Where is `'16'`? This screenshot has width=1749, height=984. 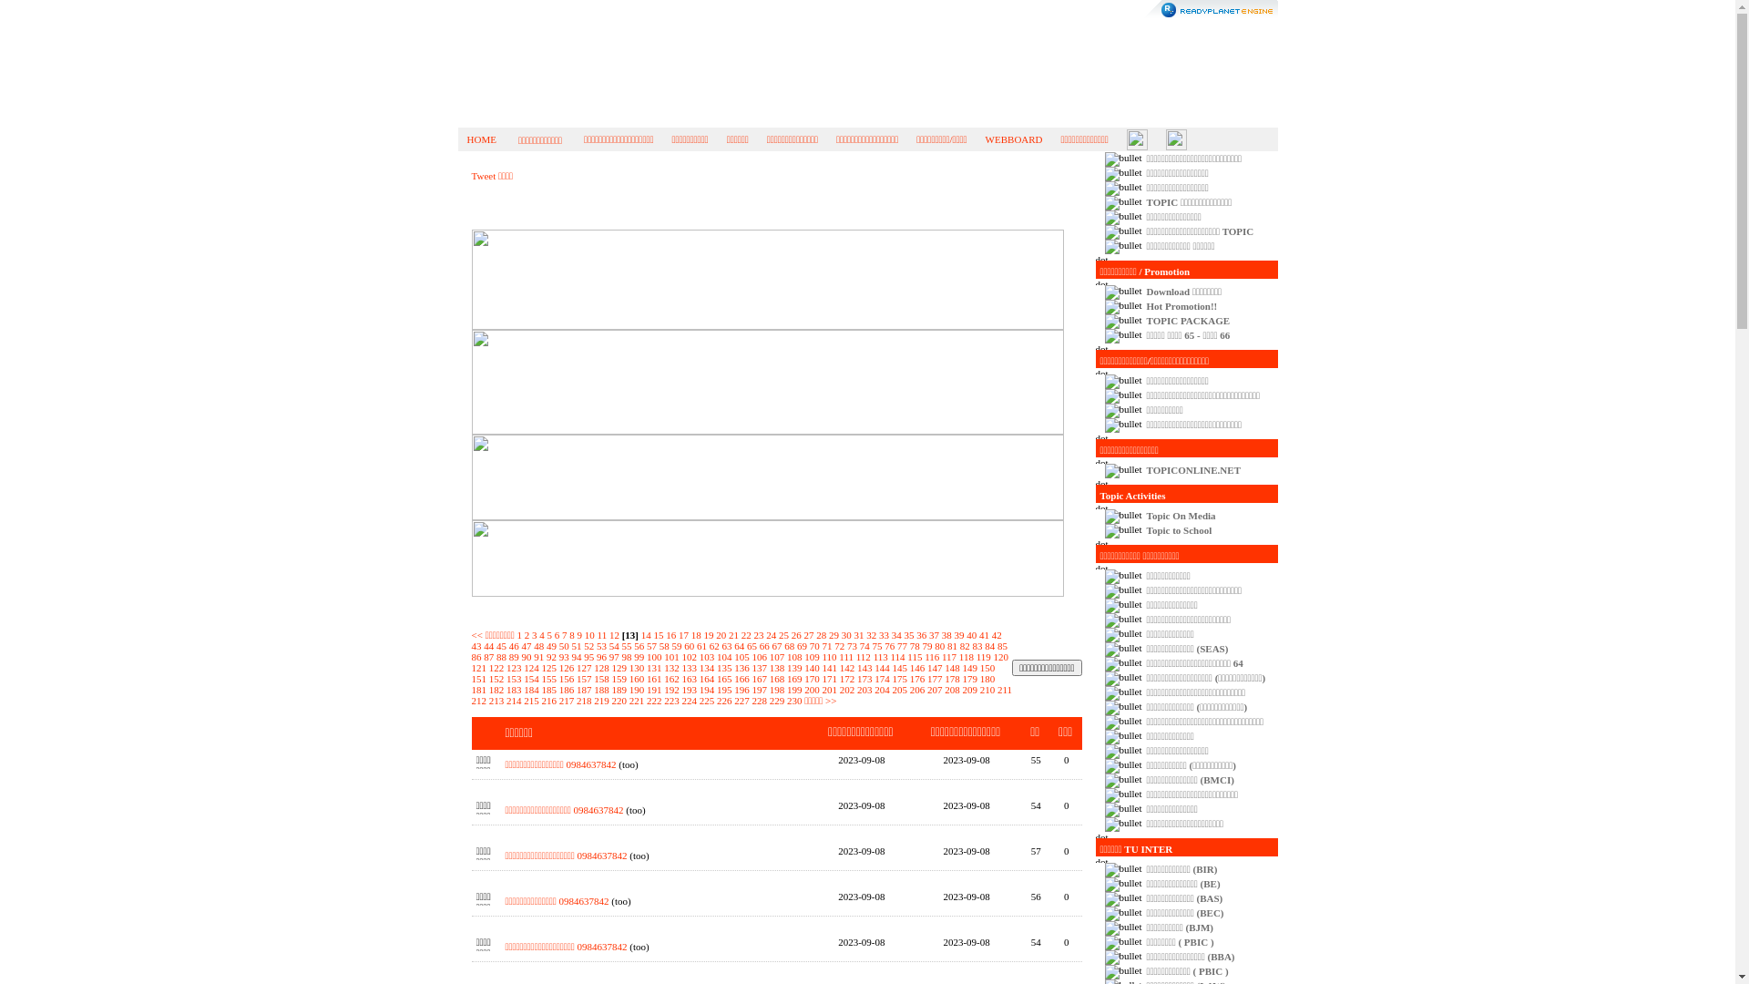 '16' is located at coordinates (670, 634).